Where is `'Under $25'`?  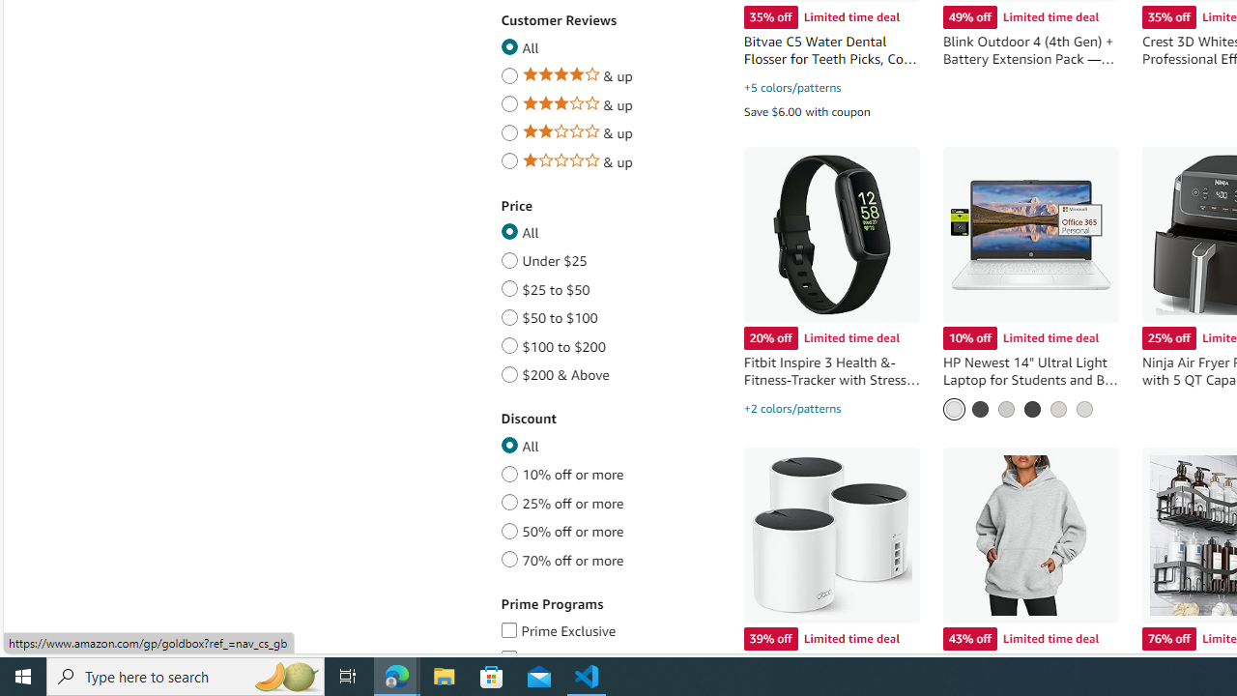 'Under $25' is located at coordinates (509, 256).